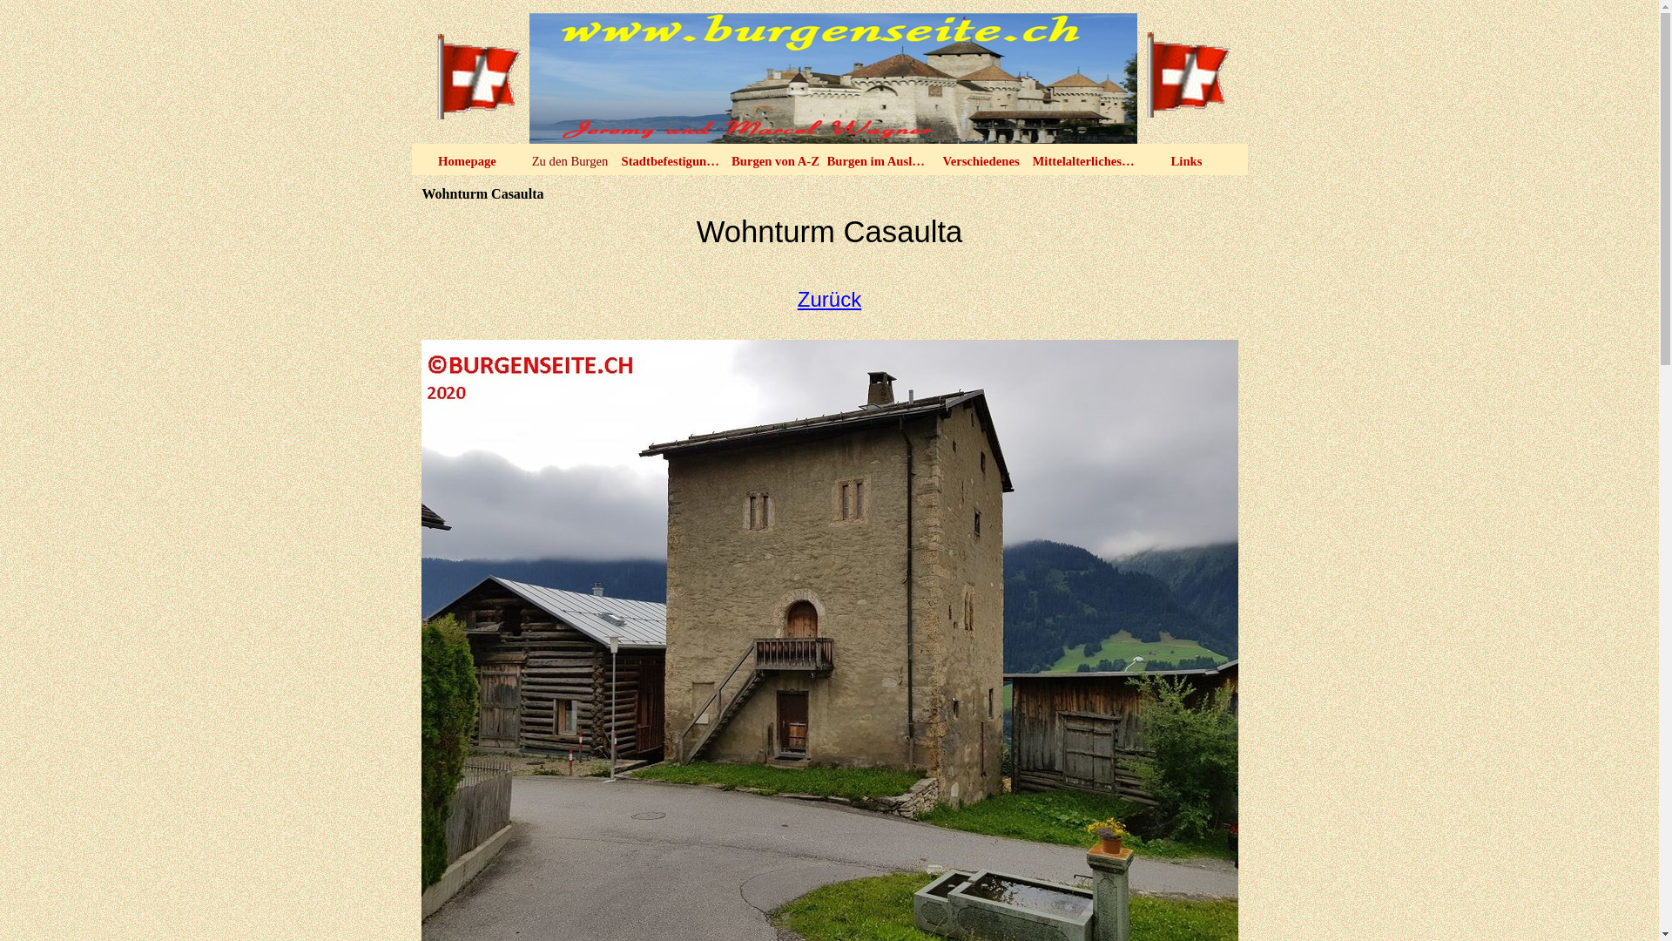 This screenshot has width=1672, height=941. What do you see at coordinates (468, 161) in the screenshot?
I see `'Homepage'` at bounding box center [468, 161].